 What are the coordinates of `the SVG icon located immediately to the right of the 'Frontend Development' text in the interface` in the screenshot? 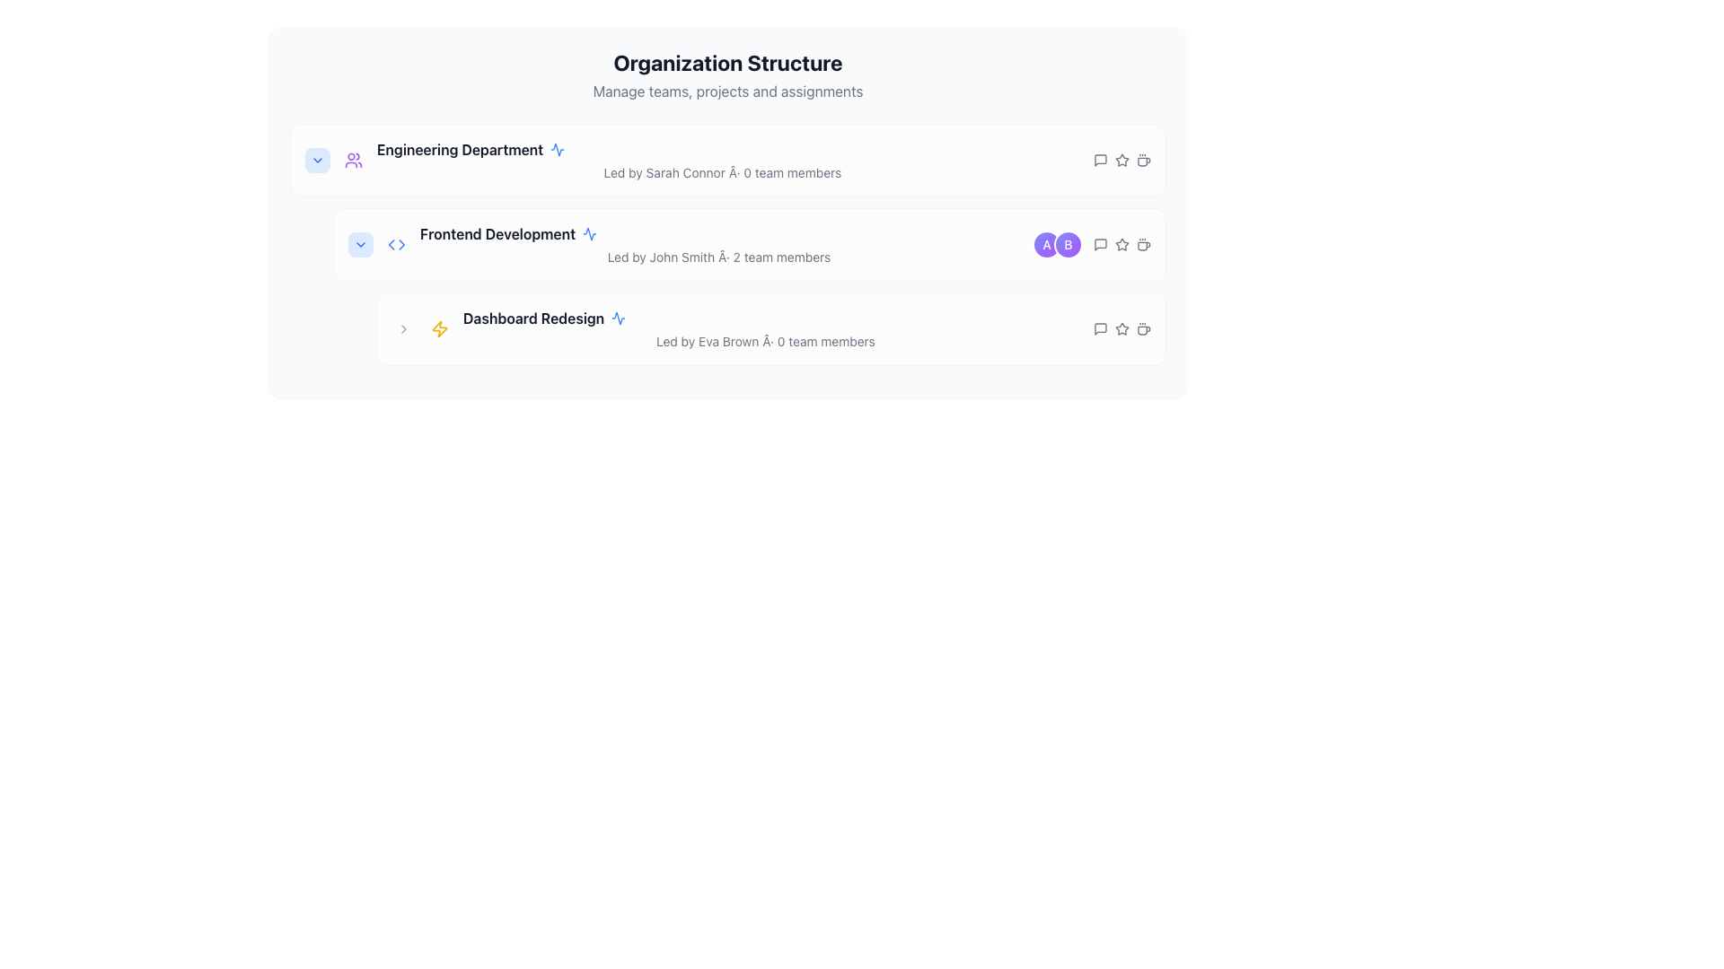 It's located at (590, 233).